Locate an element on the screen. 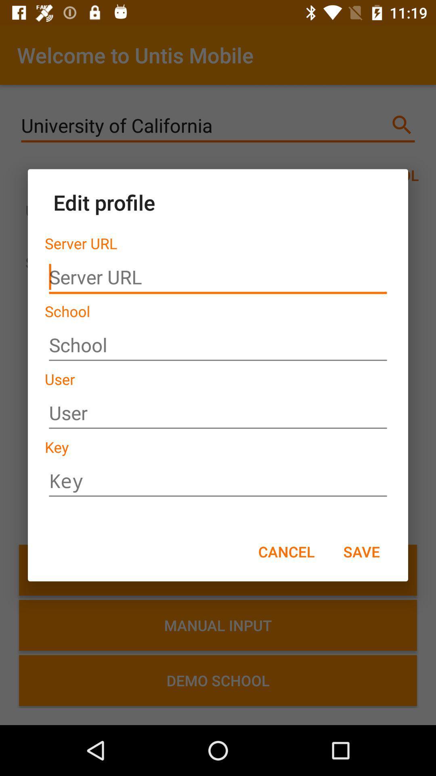 The width and height of the screenshot is (436, 776). cancel is located at coordinates (286, 551).